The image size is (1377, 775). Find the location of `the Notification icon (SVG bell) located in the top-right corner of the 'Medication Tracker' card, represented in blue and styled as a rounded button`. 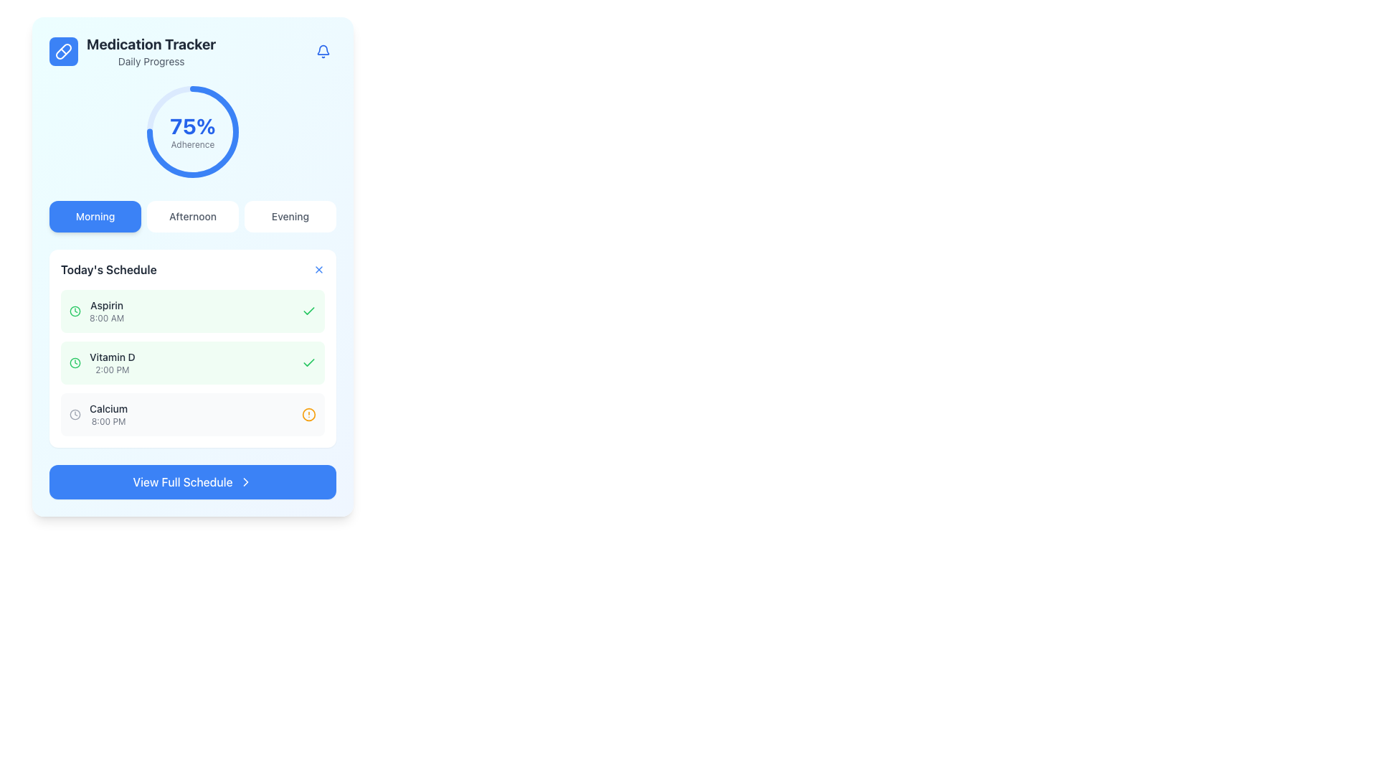

the Notification icon (SVG bell) located in the top-right corner of the 'Medication Tracker' card, represented in blue and styled as a rounded button is located at coordinates (323, 51).